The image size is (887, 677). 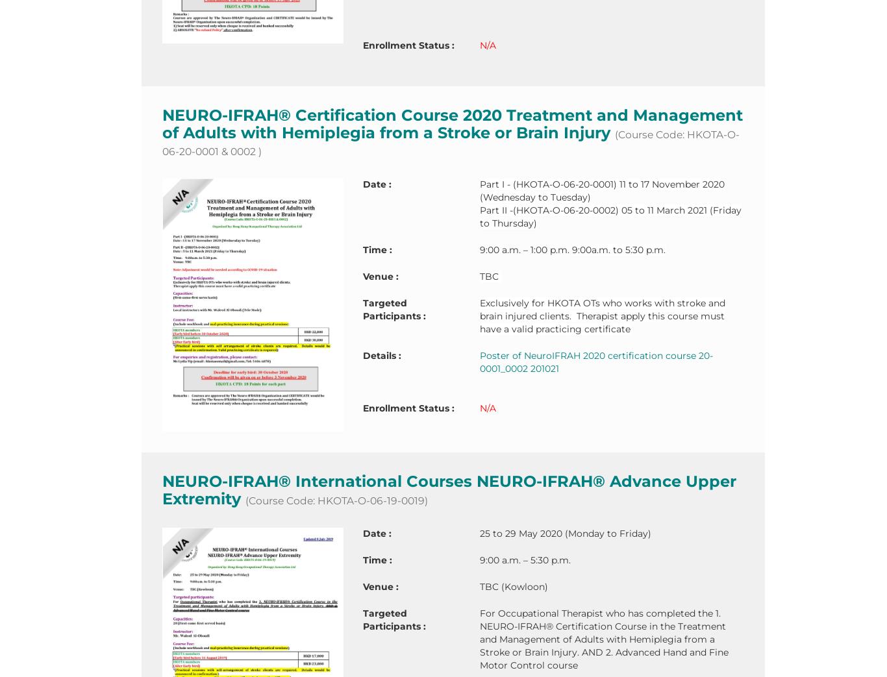 What do you see at coordinates (524, 249) in the screenshot?
I see `'9:00 a.m. – 1:00 p.m.'` at bounding box center [524, 249].